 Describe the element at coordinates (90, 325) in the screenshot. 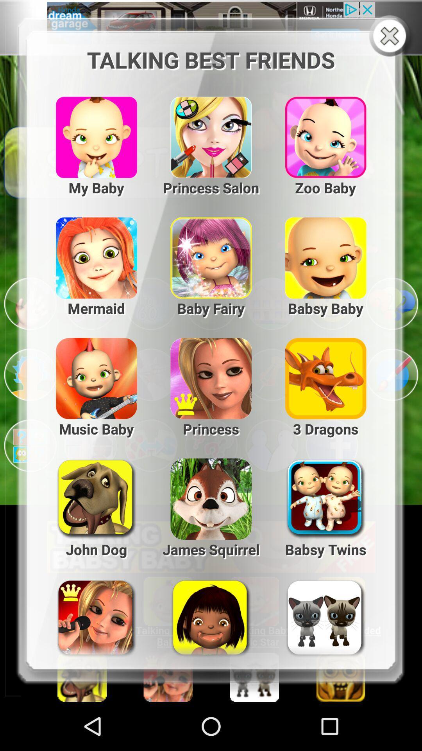

I see `the email icon` at that location.